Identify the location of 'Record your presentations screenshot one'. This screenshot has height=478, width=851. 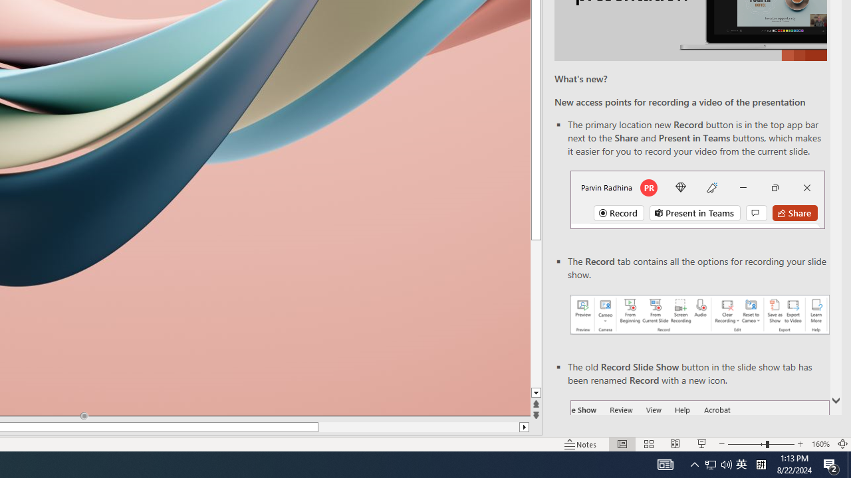
(699, 315).